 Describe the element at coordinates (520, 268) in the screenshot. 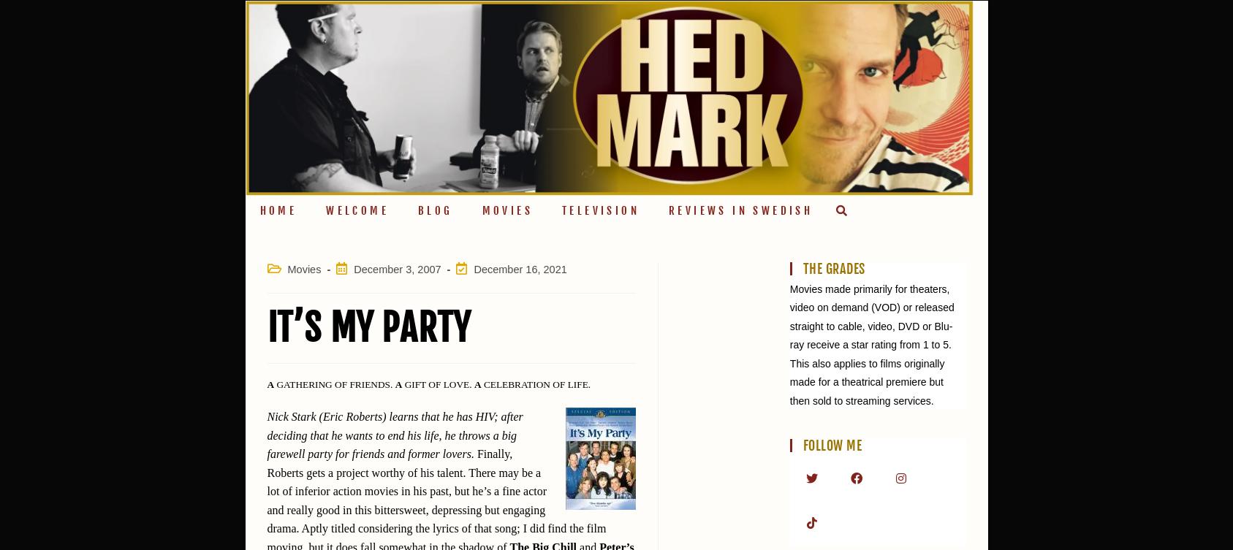

I see `'December 16, 2021'` at that location.